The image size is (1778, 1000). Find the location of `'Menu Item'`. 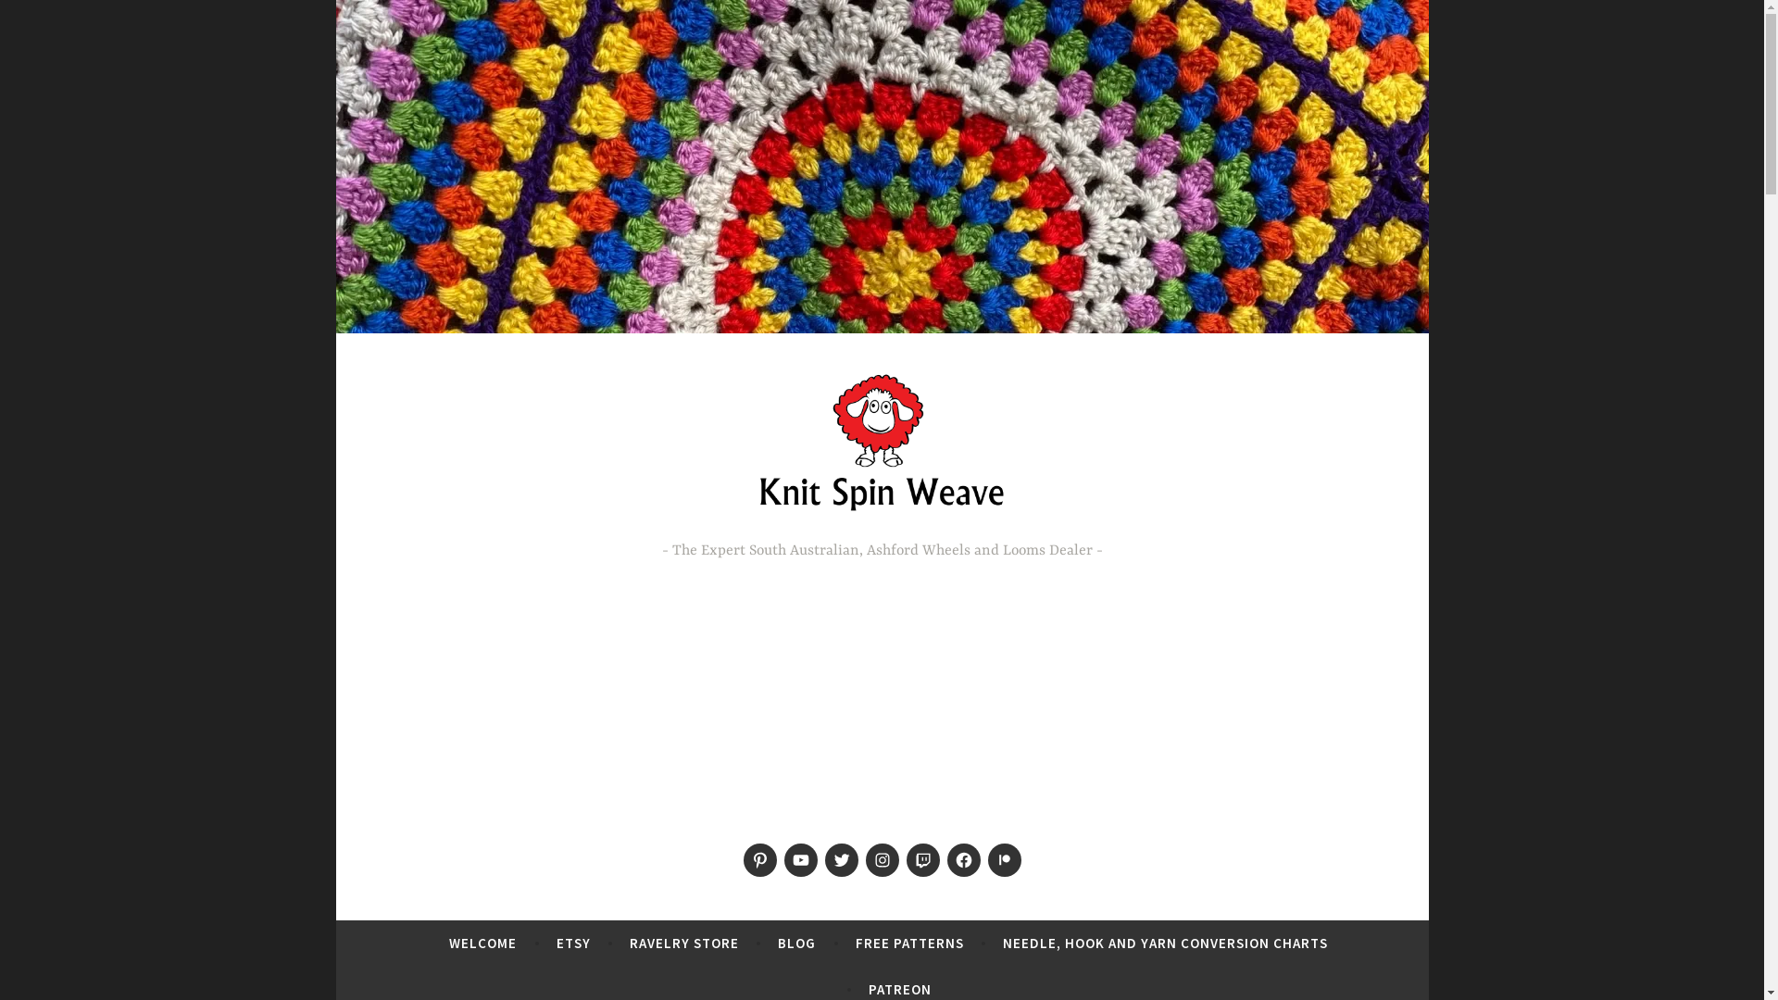

'Menu Item' is located at coordinates (800, 860).